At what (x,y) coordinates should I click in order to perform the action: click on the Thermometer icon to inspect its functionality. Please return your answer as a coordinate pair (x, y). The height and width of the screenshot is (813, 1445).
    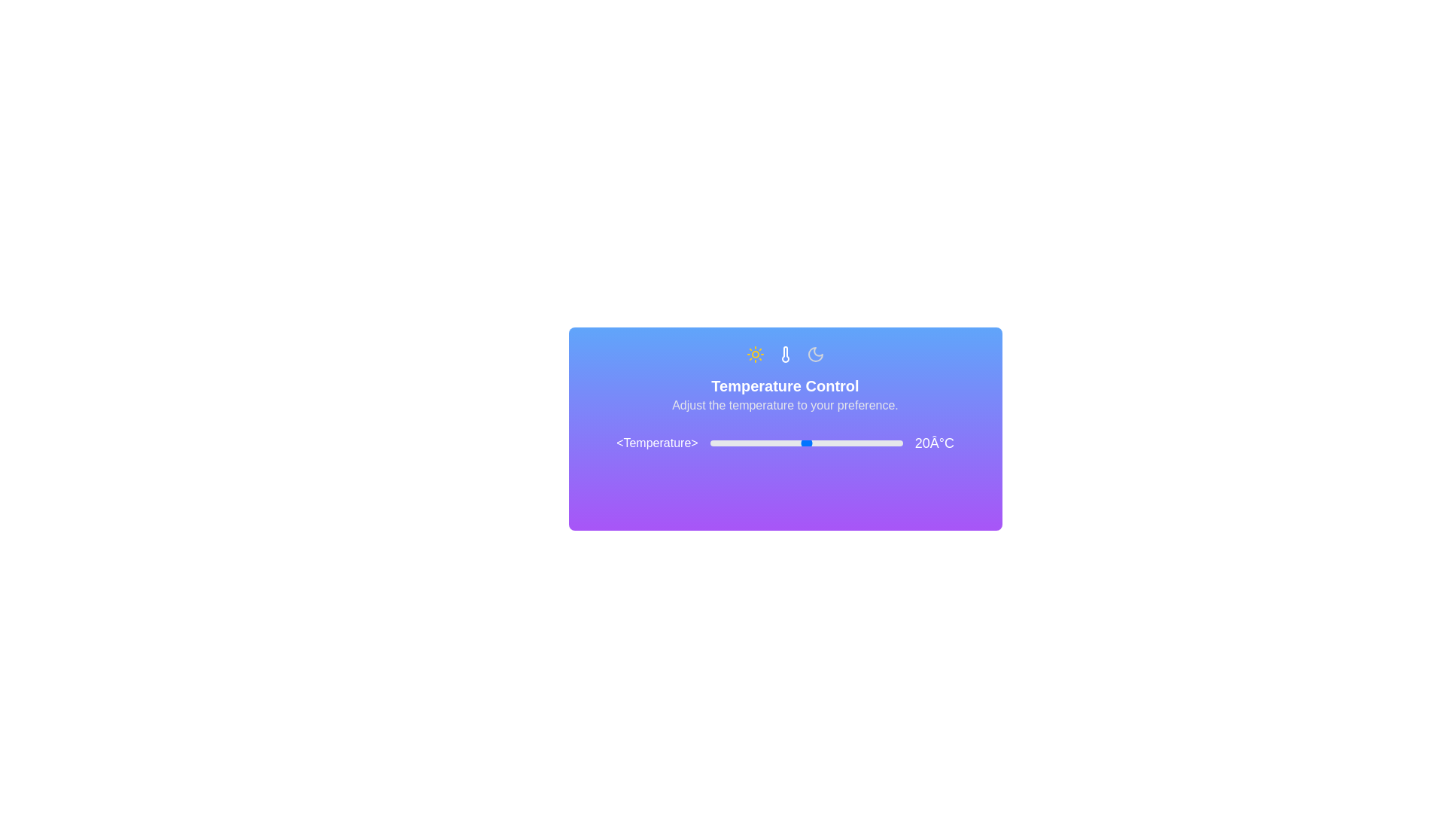
    Looking at the image, I should click on (784, 354).